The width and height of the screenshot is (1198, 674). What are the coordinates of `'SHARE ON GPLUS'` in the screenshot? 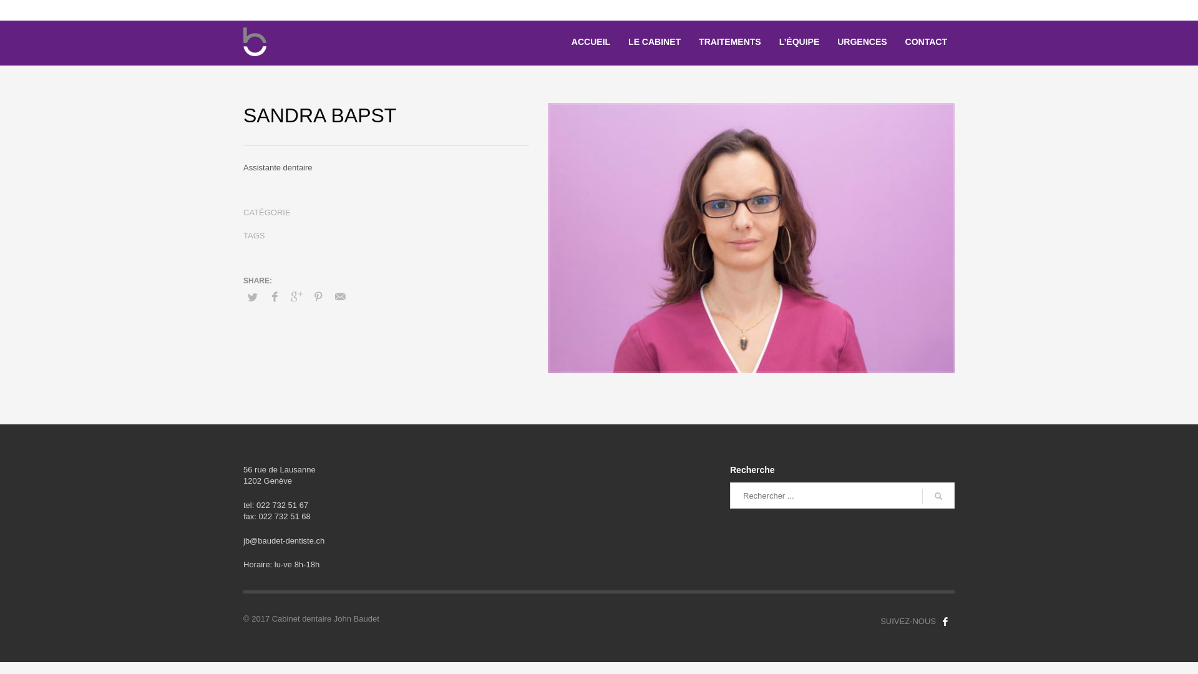 It's located at (296, 296).